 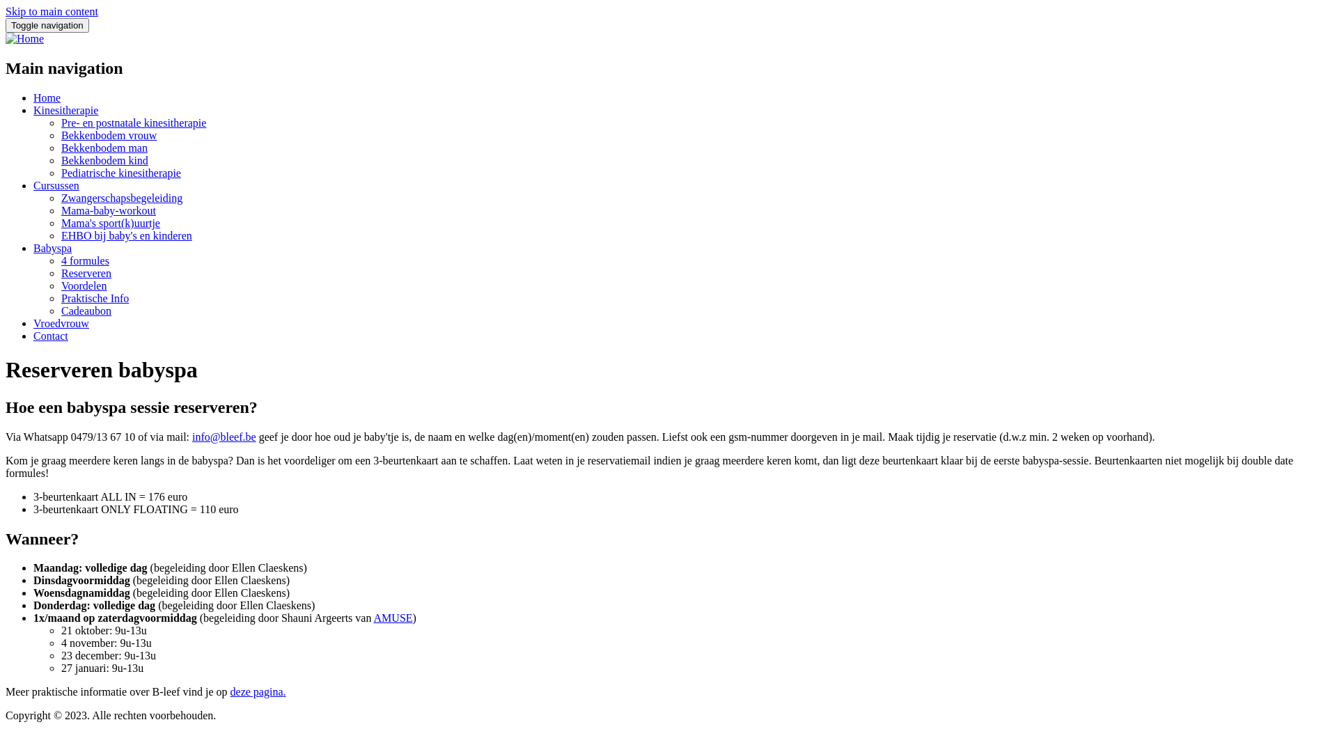 What do you see at coordinates (24, 38) in the screenshot?
I see `'Home'` at bounding box center [24, 38].